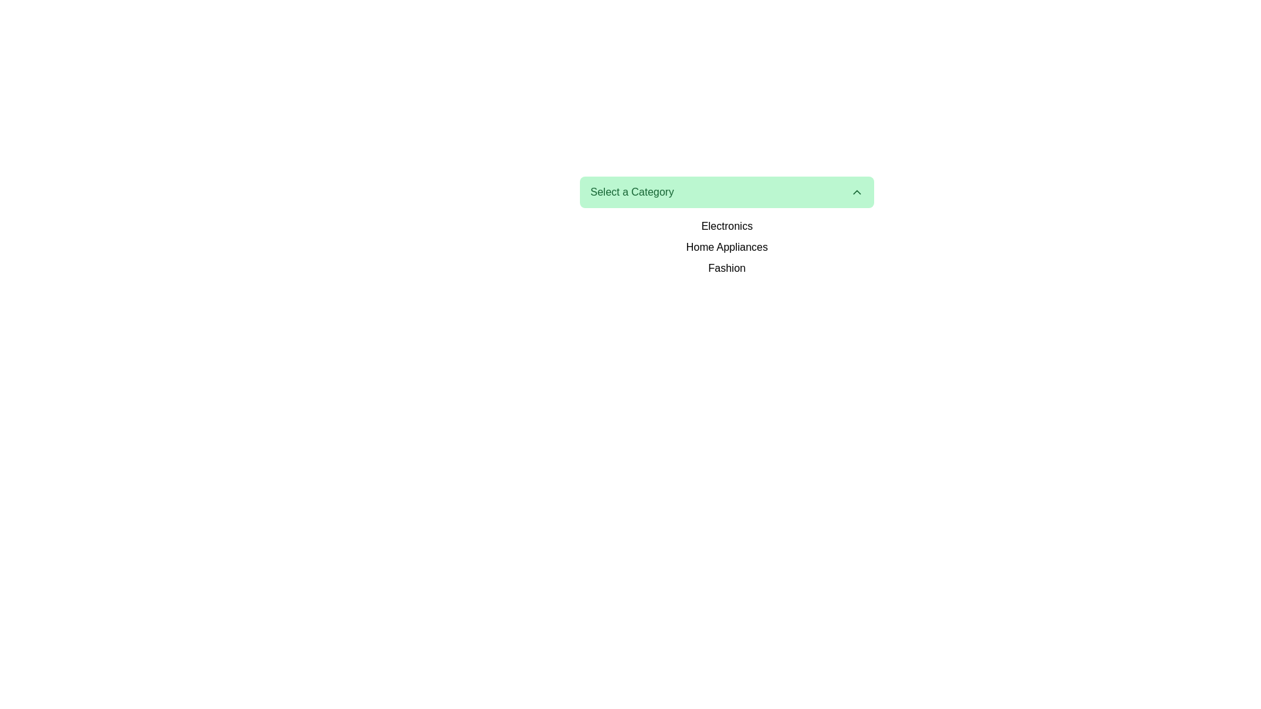 The width and height of the screenshot is (1261, 709). I want to click on the 'Fashion' category text label, which is the third item in the vertical list under the dropdown menu, following 'Electronics' and 'Home Appliances', so click(726, 267).